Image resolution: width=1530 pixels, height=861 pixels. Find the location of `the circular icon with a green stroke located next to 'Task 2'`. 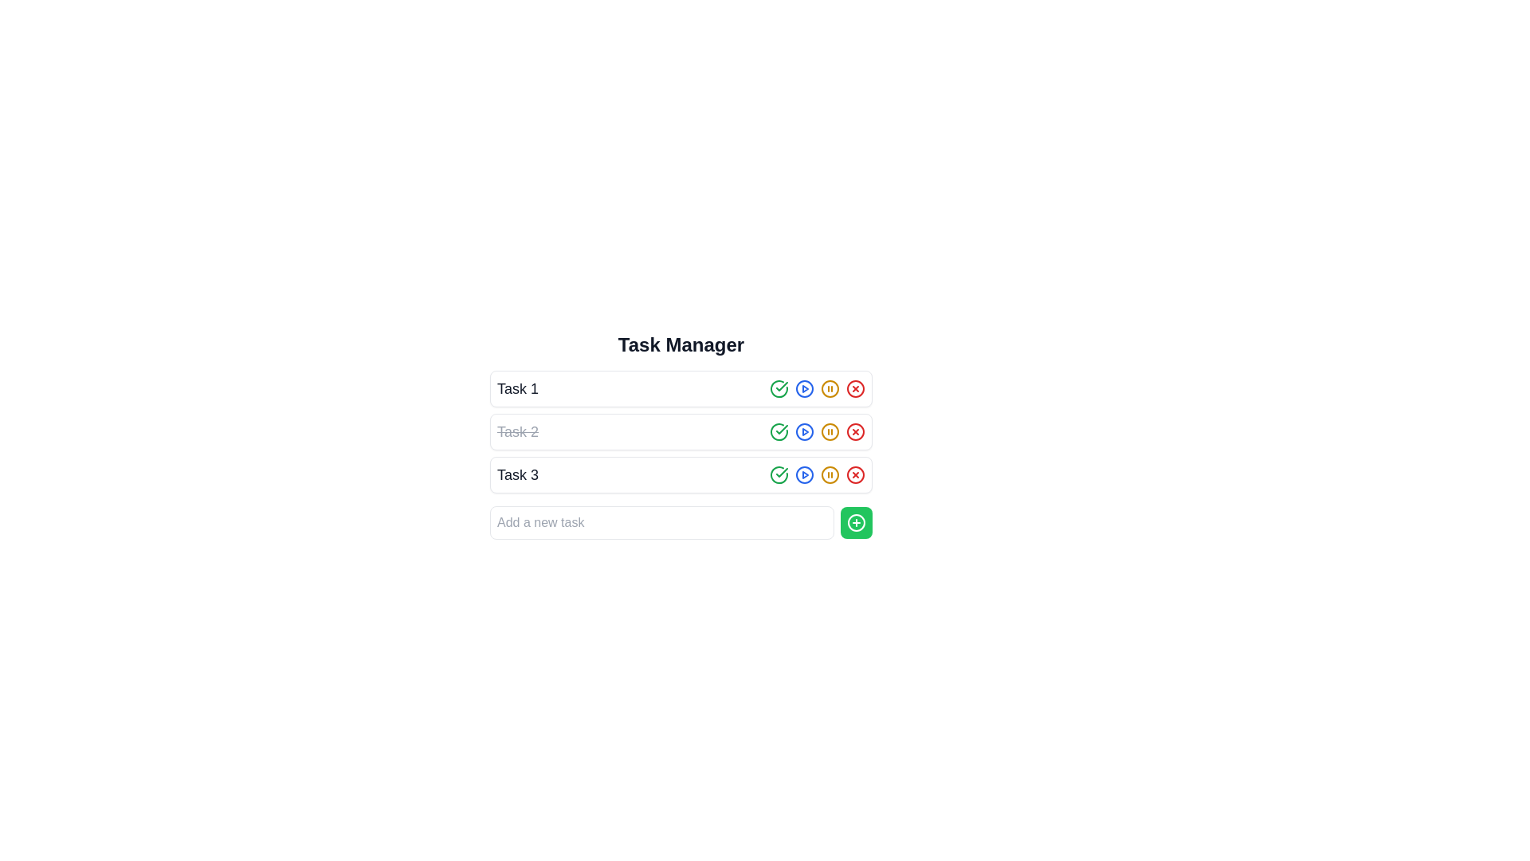

the circular icon with a green stroke located next to 'Task 2' is located at coordinates (779, 432).